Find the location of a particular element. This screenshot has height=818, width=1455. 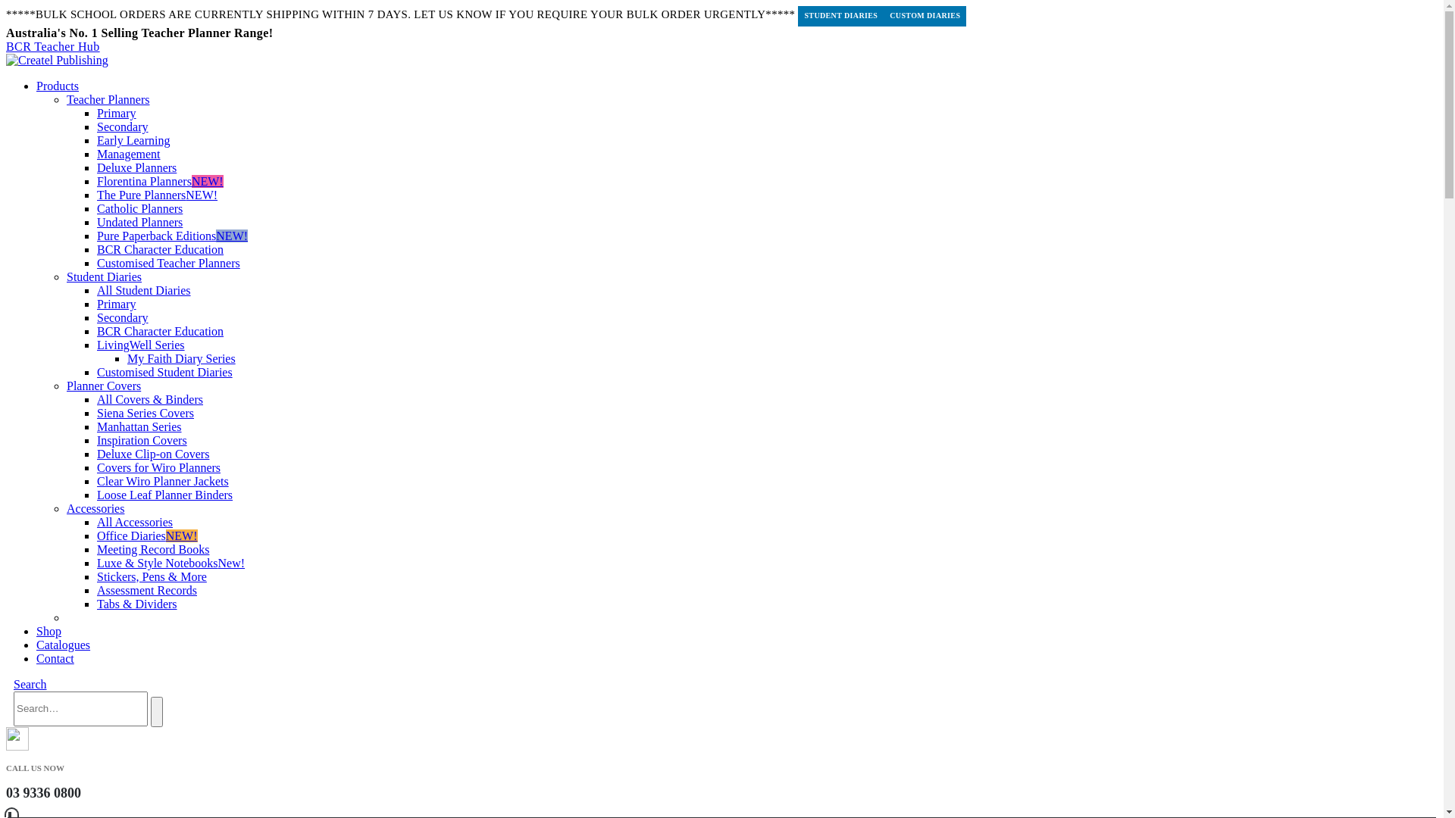

'Pure Paperback EditionsNEW!' is located at coordinates (172, 236).